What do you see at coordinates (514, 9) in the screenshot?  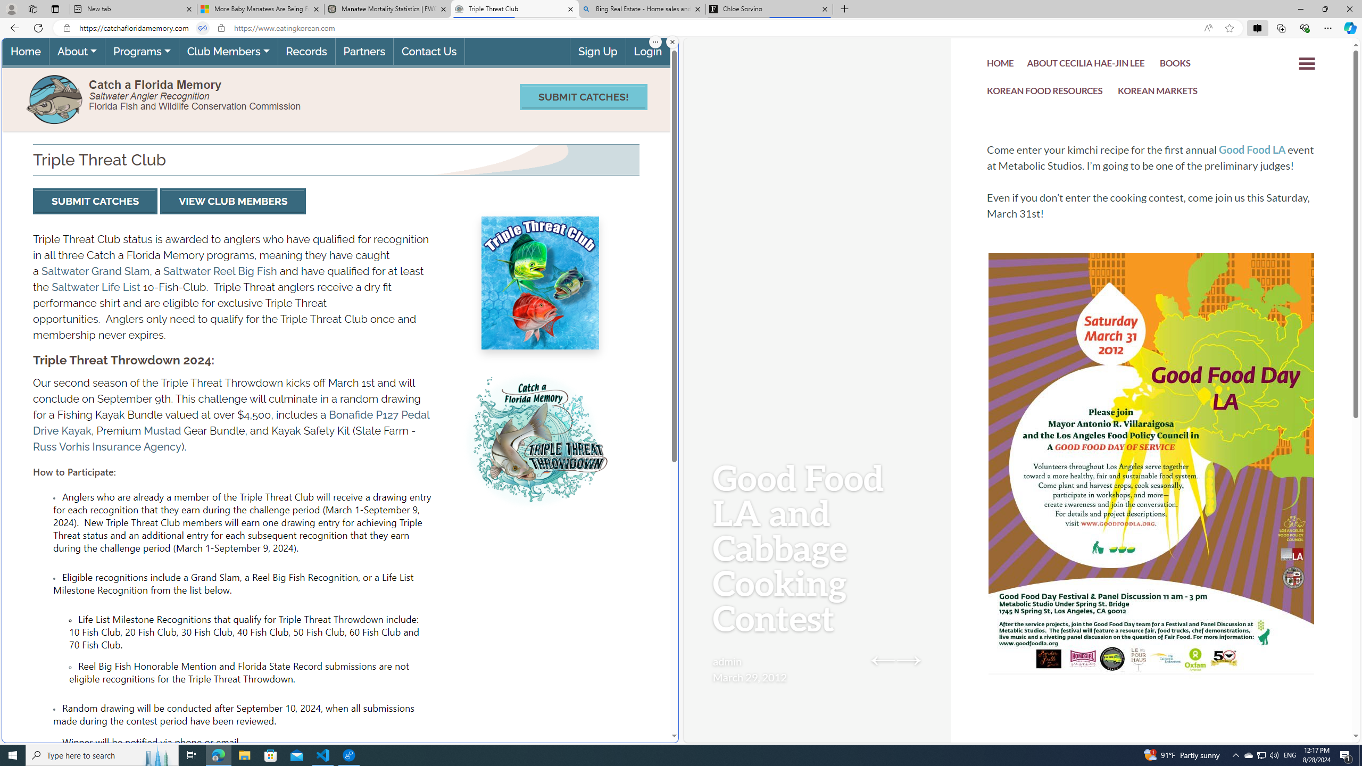 I see `'Triple Threat Club'` at bounding box center [514, 9].